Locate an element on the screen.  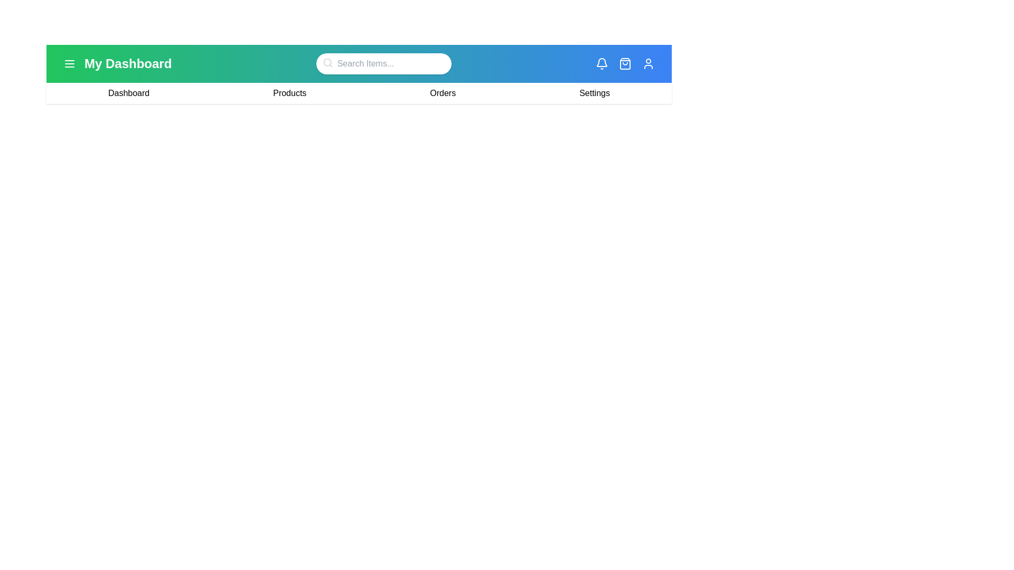
the bell icon to access notifications is located at coordinates (602, 63).